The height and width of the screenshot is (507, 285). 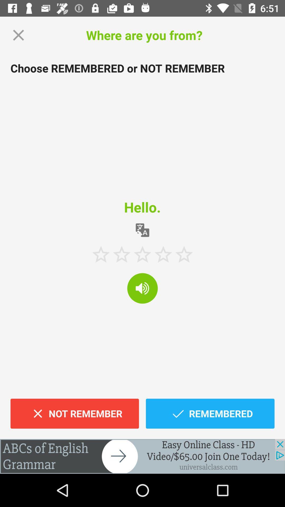 I want to click on set the sound, so click(x=142, y=288).